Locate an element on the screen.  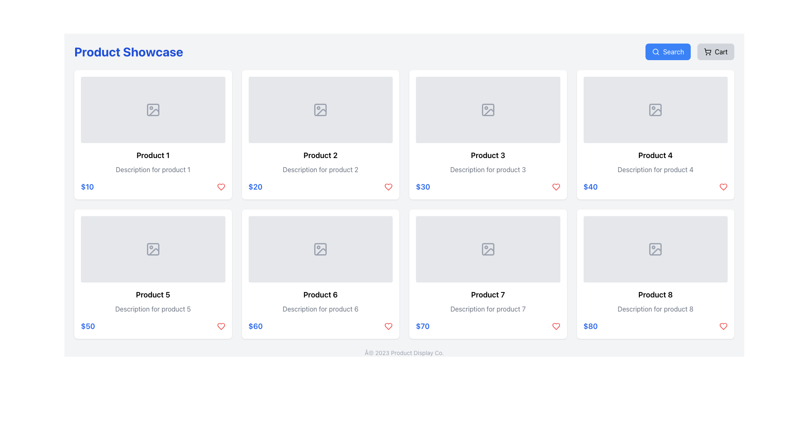
the 'Cart' button located is located at coordinates (715, 51).